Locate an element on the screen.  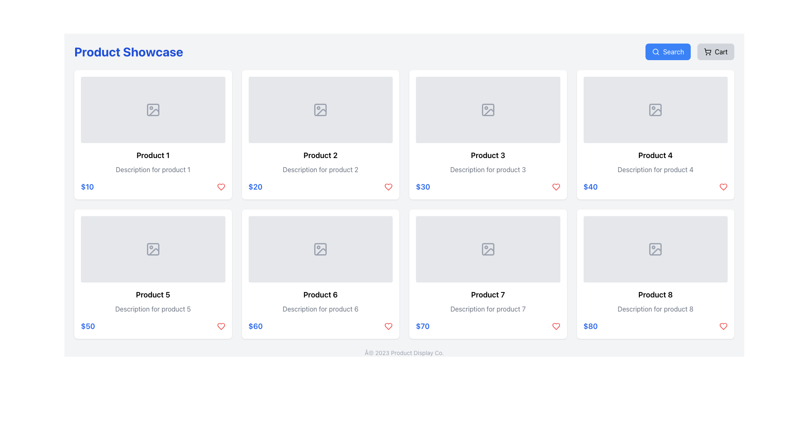
the 'Cart' button located is located at coordinates (715, 51).